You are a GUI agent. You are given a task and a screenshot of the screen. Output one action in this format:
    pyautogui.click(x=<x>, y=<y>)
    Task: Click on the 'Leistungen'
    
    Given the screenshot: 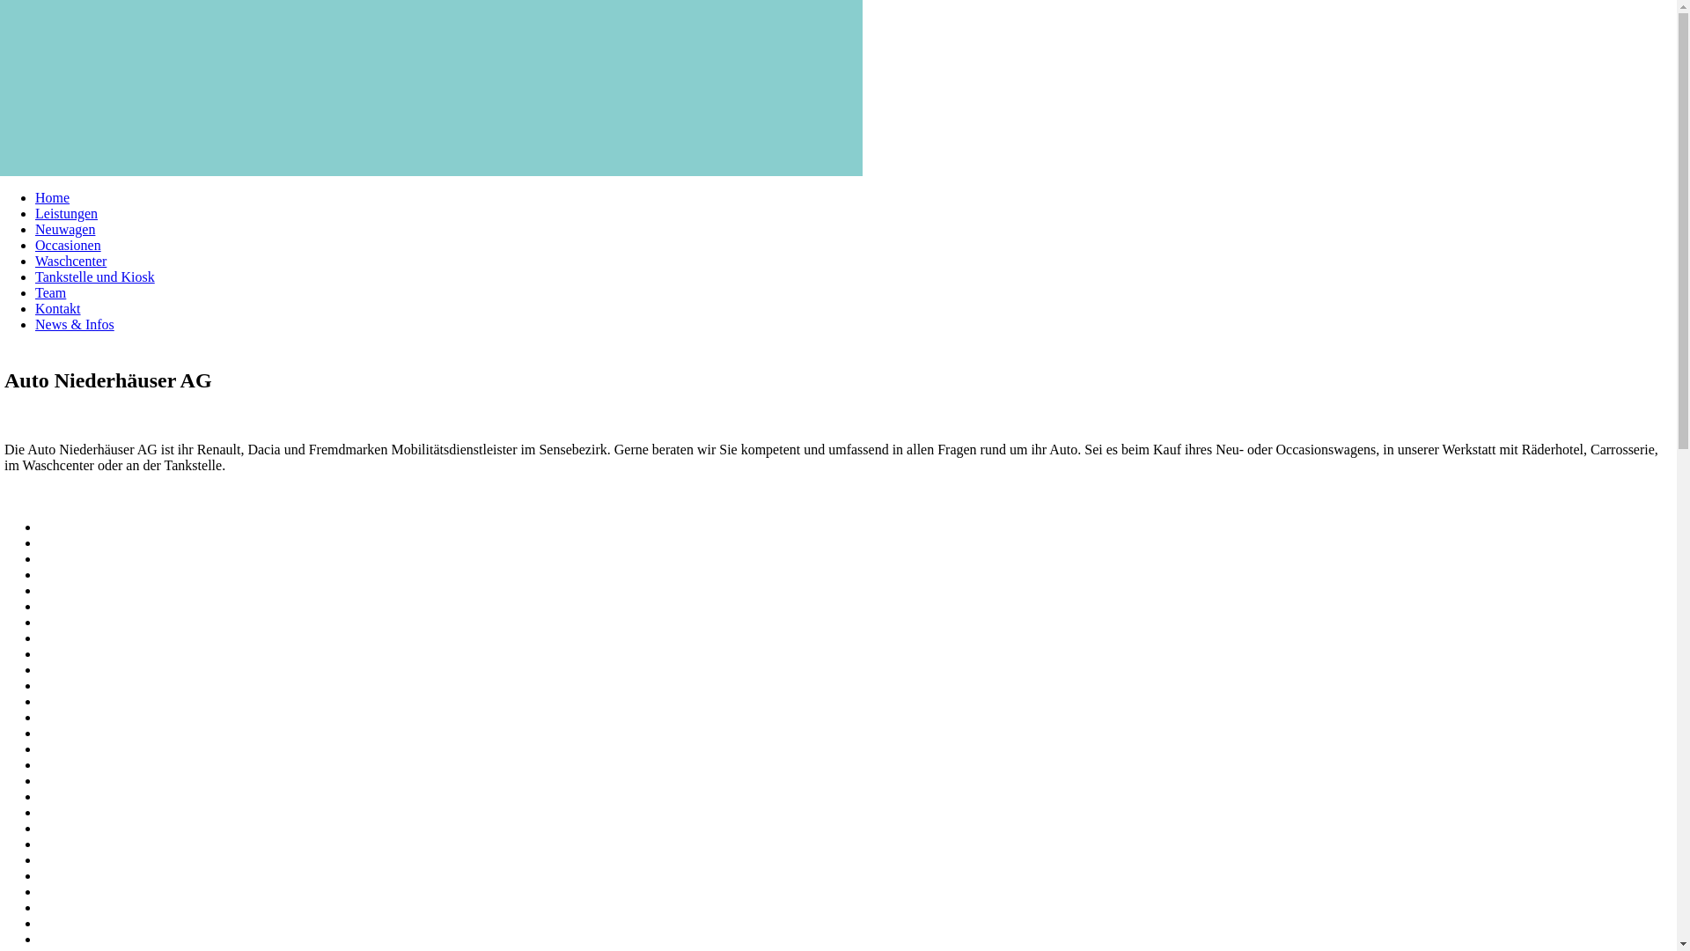 What is the action you would take?
    pyautogui.click(x=34, y=212)
    